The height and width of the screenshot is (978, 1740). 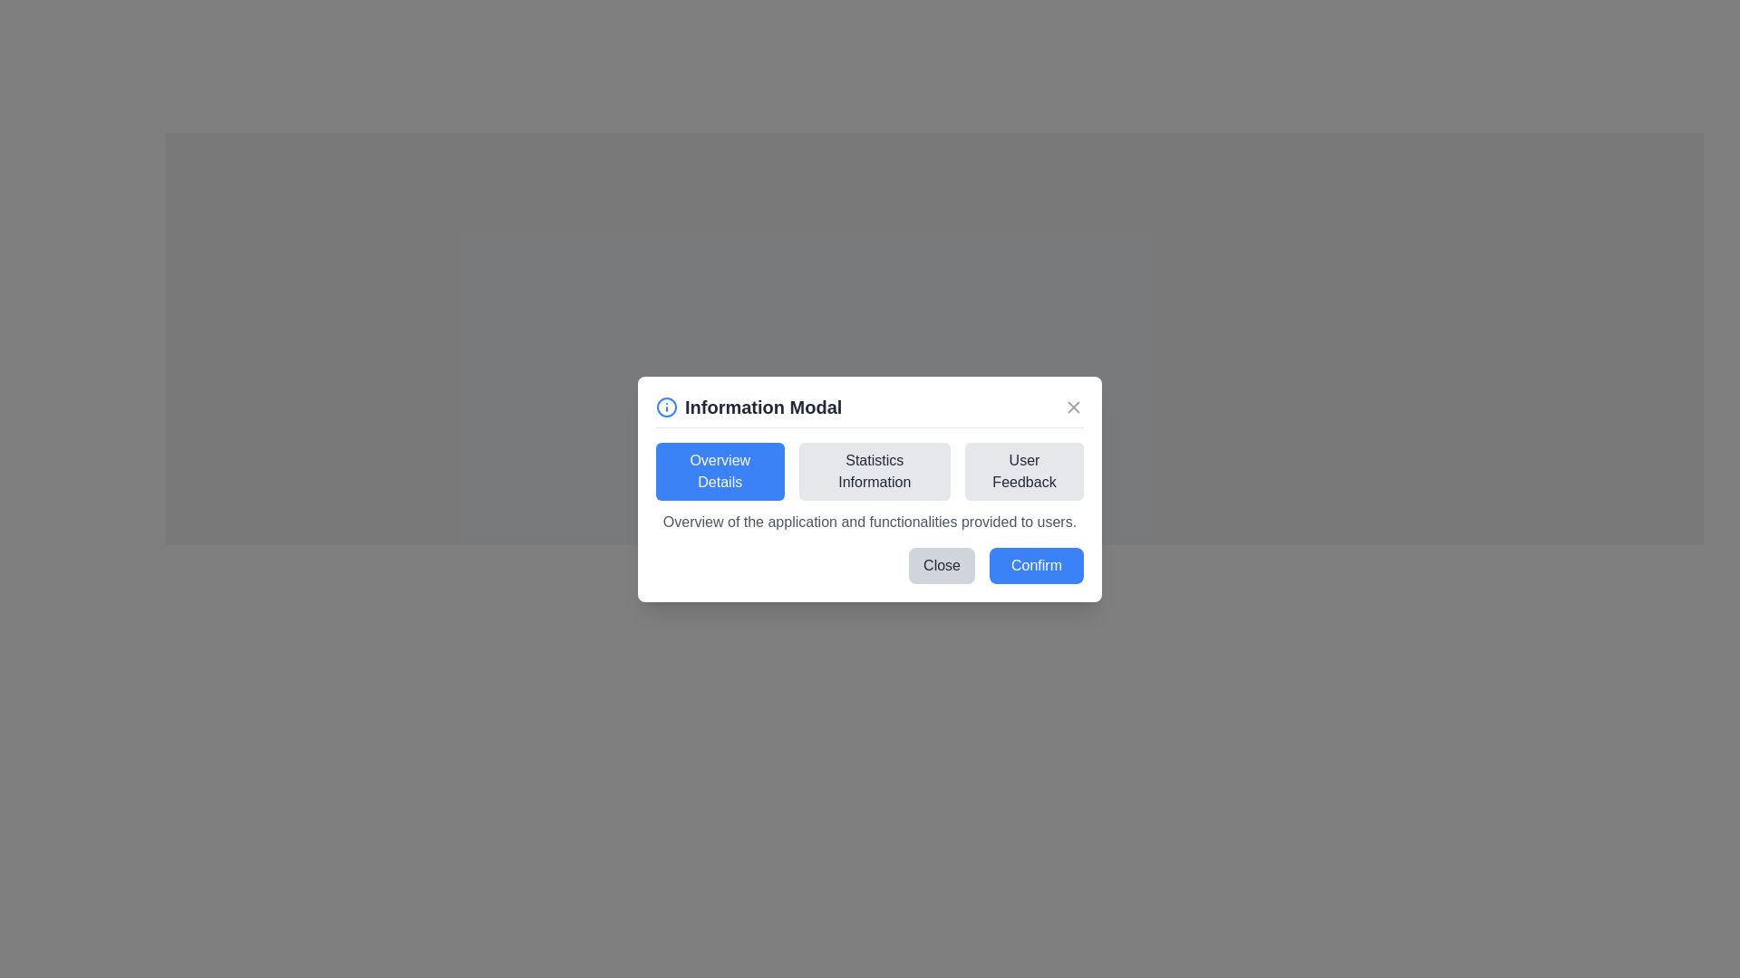 I want to click on the 'Overview Details' button, which is a rectangular button with rounded corners, blue background, and white text, located at the top section of a modal dialog, so click(x=719, y=470).